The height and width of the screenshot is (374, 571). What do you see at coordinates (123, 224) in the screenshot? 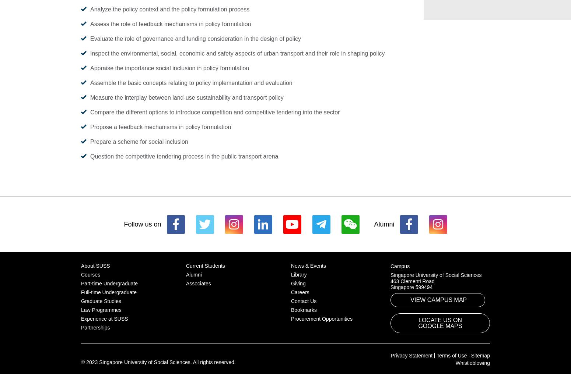
I see `'Follow us on'` at bounding box center [123, 224].